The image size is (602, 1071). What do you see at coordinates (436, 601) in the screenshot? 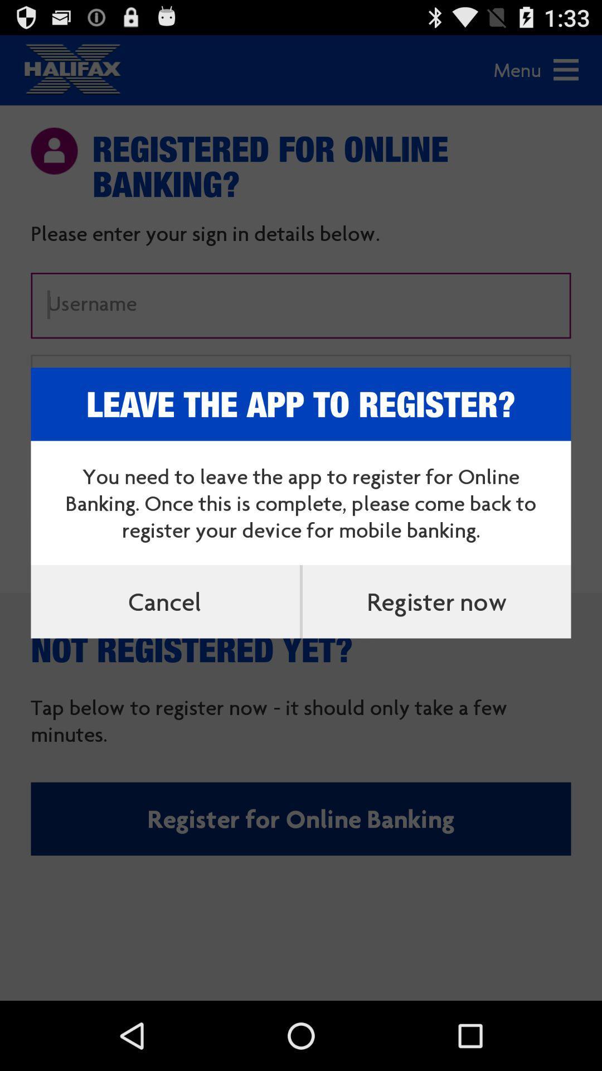
I see `register now` at bounding box center [436, 601].